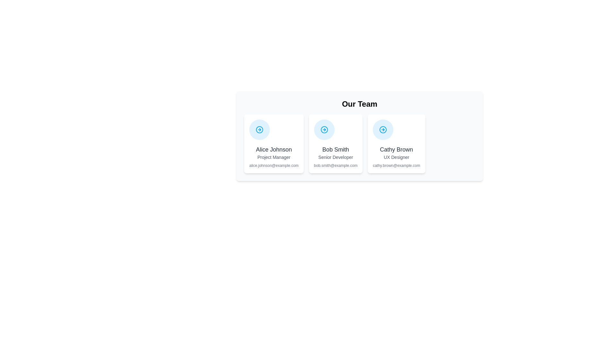  I want to click on the SVG Circle Element that serves as the circular outline of the arrow icon representing navigation within the card for Cathy Brown, so click(383, 130).